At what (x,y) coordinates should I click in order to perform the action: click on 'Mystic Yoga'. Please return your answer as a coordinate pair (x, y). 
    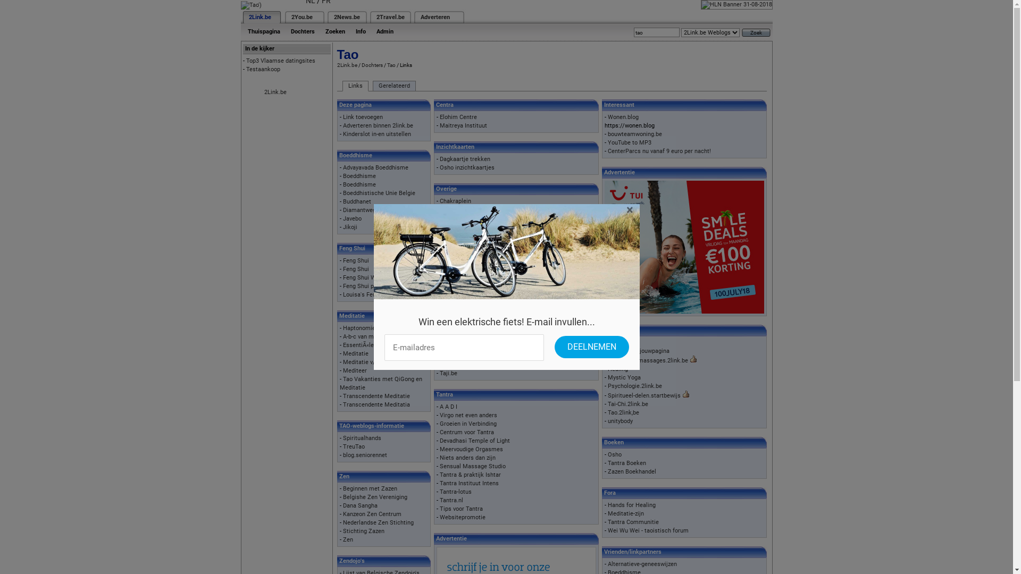
    Looking at the image, I should click on (623, 377).